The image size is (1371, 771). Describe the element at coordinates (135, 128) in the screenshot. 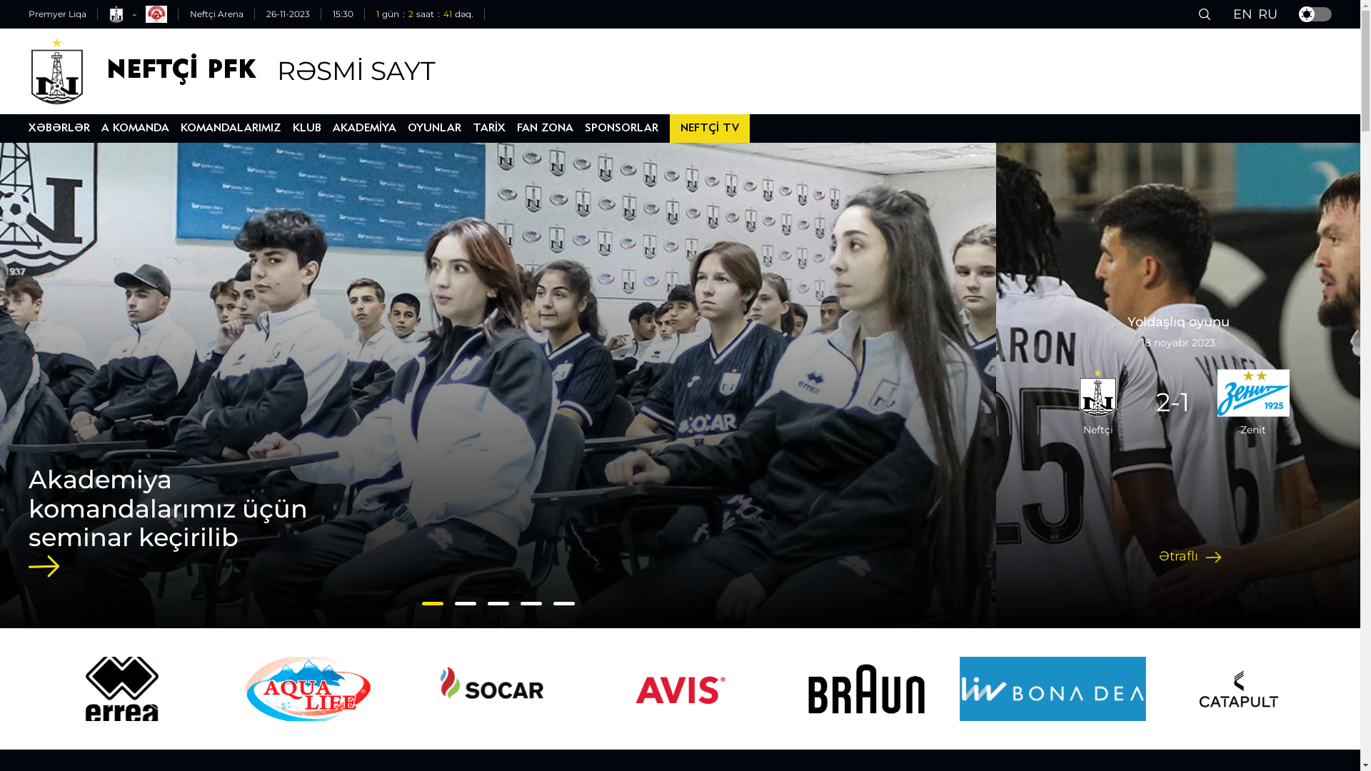

I see `'A KOMANDA'` at that location.